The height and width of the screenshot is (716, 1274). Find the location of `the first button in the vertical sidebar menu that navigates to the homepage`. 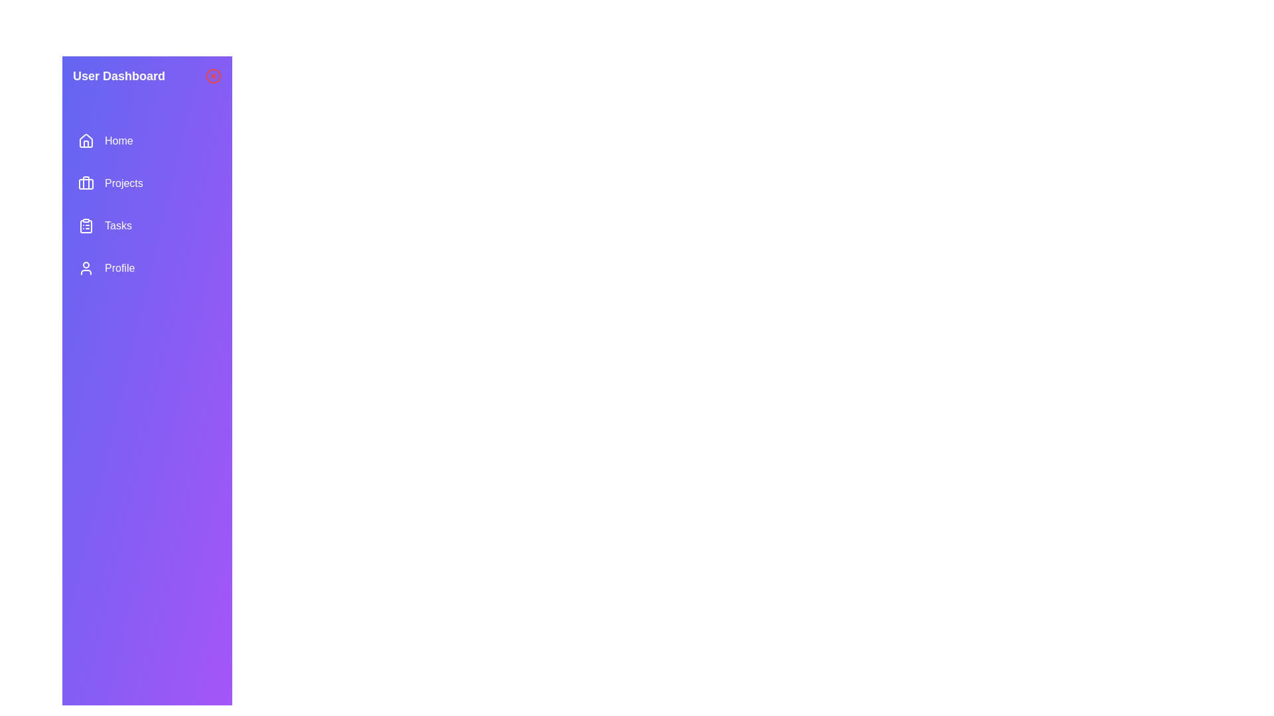

the first button in the vertical sidebar menu that navigates to the homepage is located at coordinates (147, 141).